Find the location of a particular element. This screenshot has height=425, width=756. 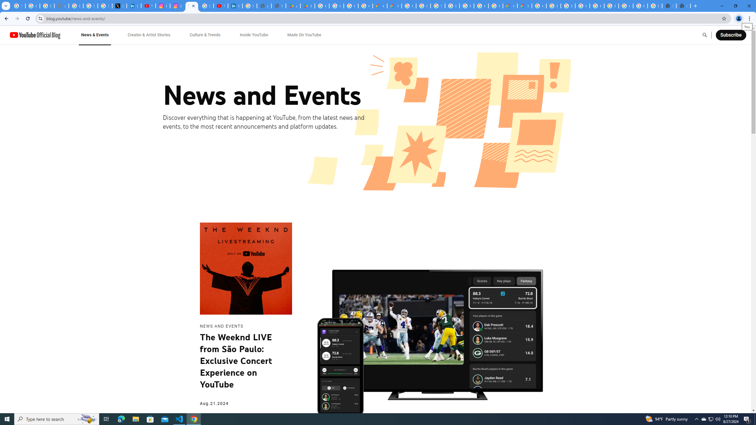

'Made On YouTube' is located at coordinates (304, 35).